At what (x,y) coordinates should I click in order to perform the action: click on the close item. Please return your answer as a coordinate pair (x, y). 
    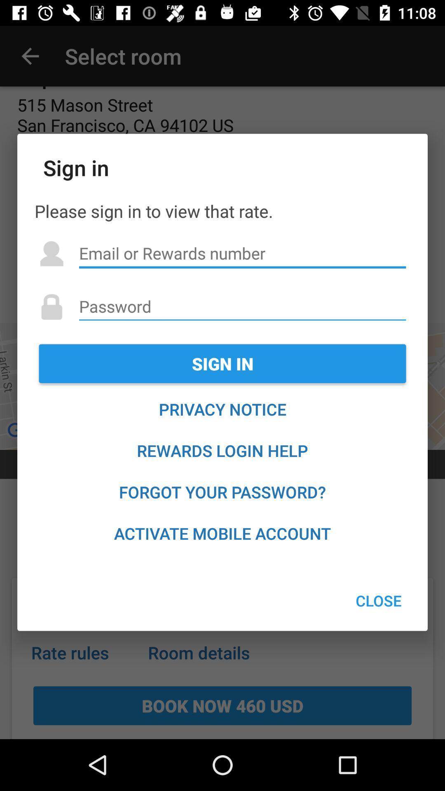
    Looking at the image, I should click on (379, 601).